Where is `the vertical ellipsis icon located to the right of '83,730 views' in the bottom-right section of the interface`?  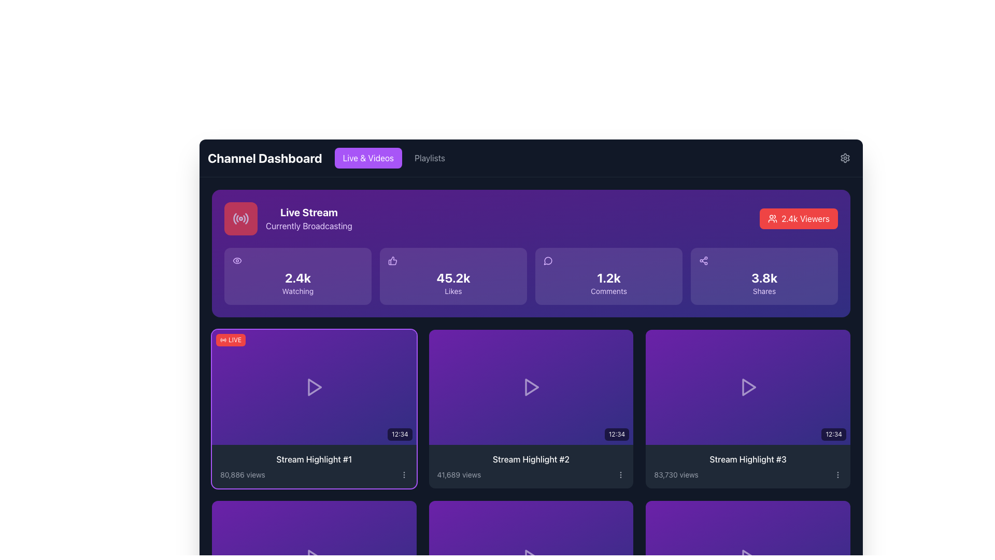 the vertical ellipsis icon located to the right of '83,730 views' in the bottom-right section of the interface is located at coordinates (838, 474).